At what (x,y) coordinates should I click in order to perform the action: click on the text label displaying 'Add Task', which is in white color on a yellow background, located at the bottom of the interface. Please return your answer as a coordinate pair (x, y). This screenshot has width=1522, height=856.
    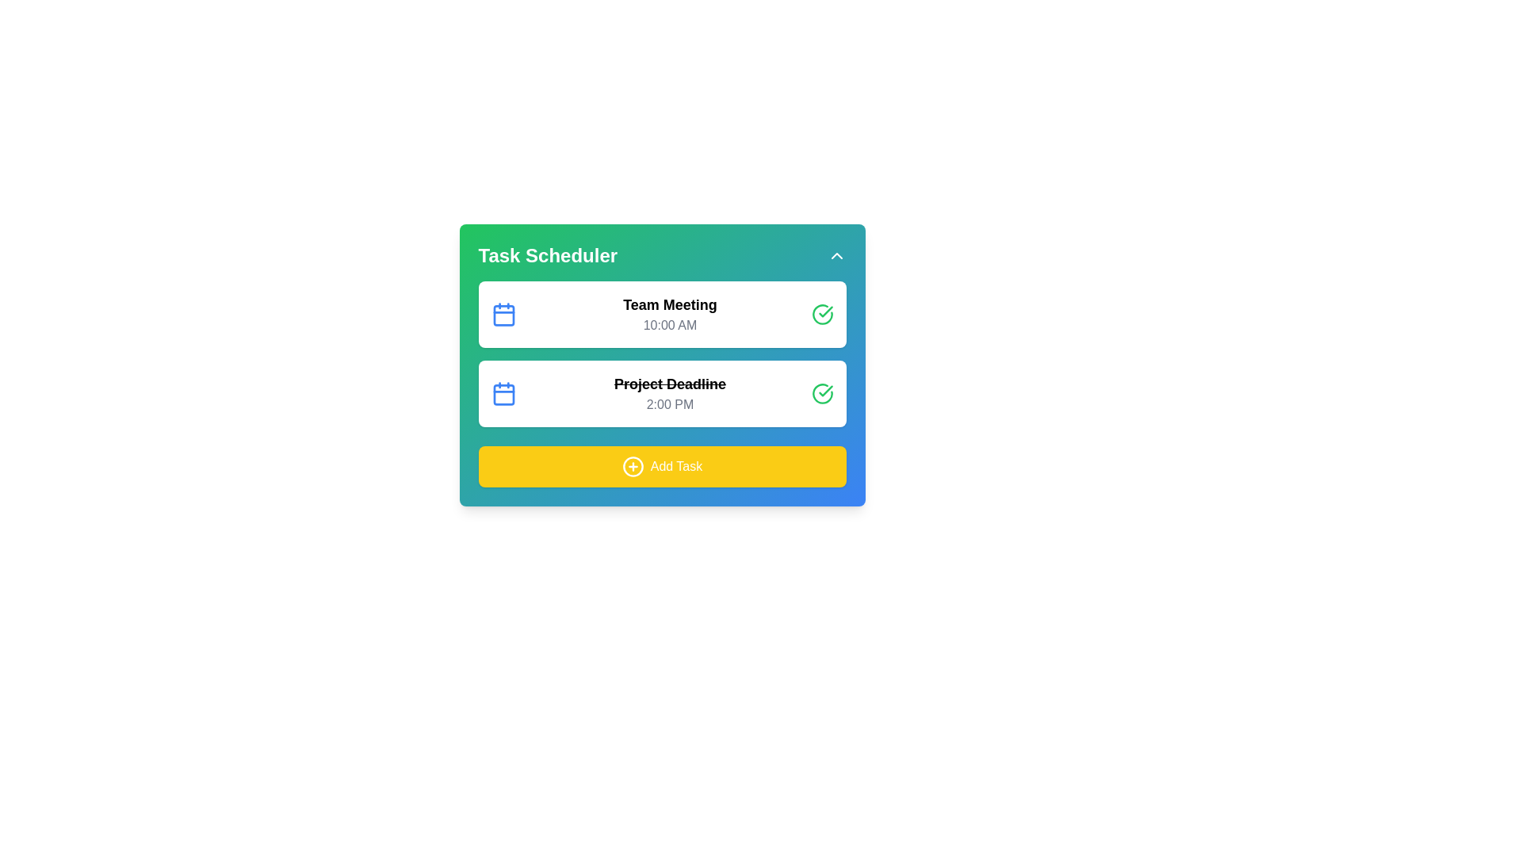
    Looking at the image, I should click on (676, 466).